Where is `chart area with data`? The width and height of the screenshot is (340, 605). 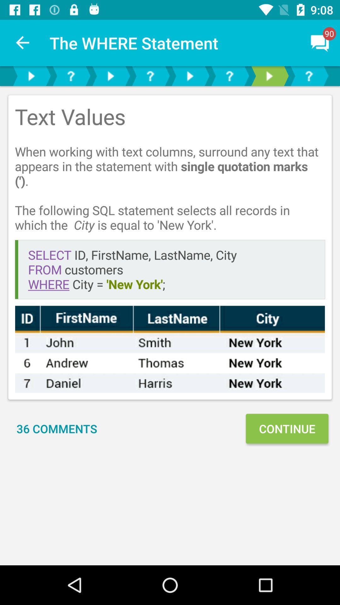
chart area with data is located at coordinates (170, 349).